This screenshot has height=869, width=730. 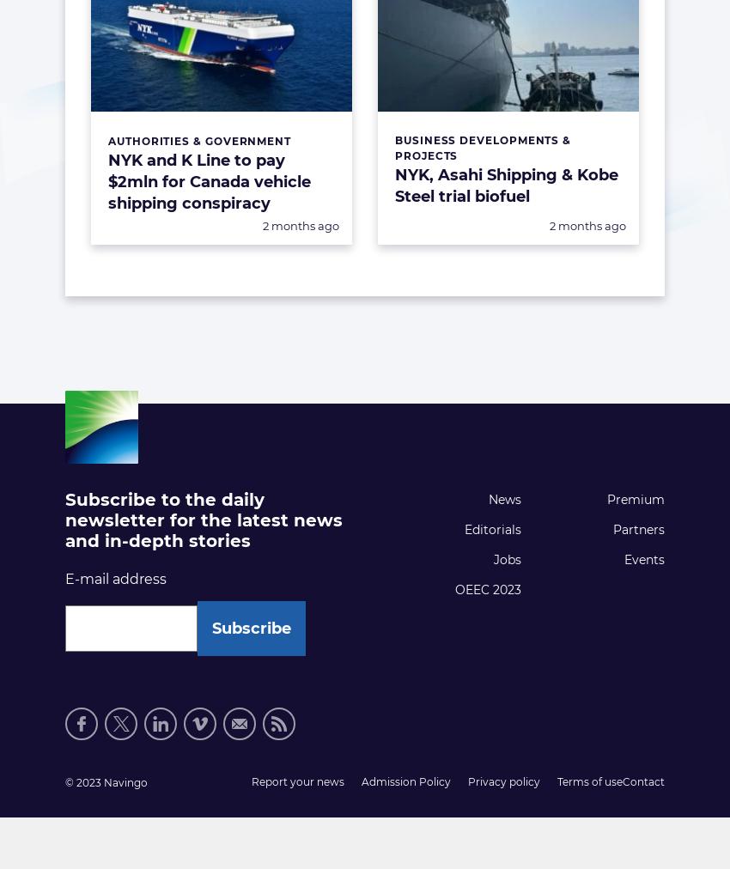 I want to click on 'Privacy policy', so click(x=504, y=781).